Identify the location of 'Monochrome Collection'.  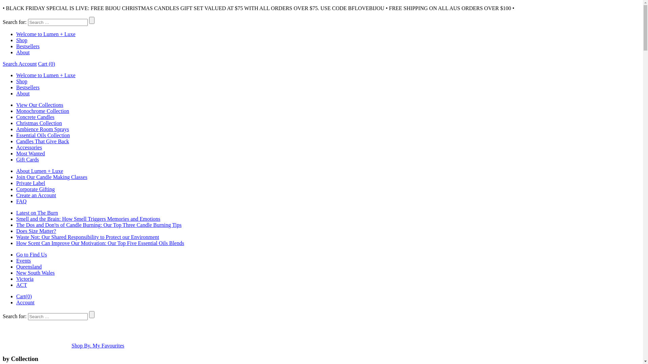
(16, 111).